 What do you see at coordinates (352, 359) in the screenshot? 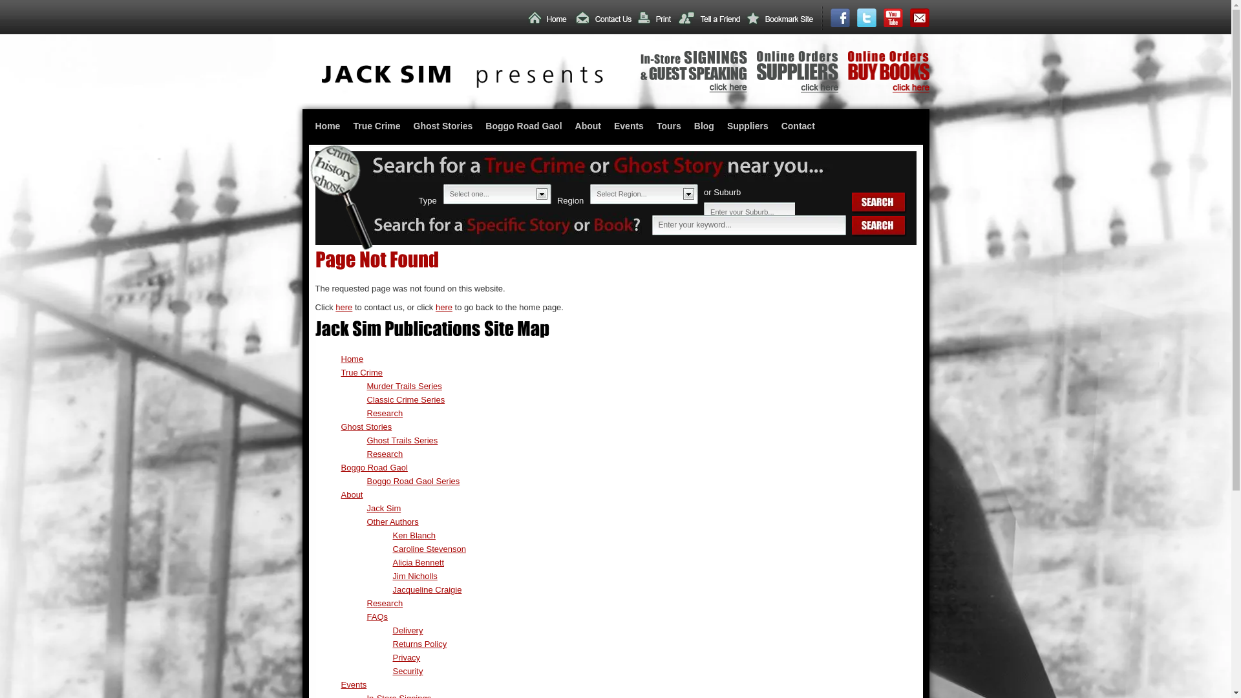
I see `'Home'` at bounding box center [352, 359].